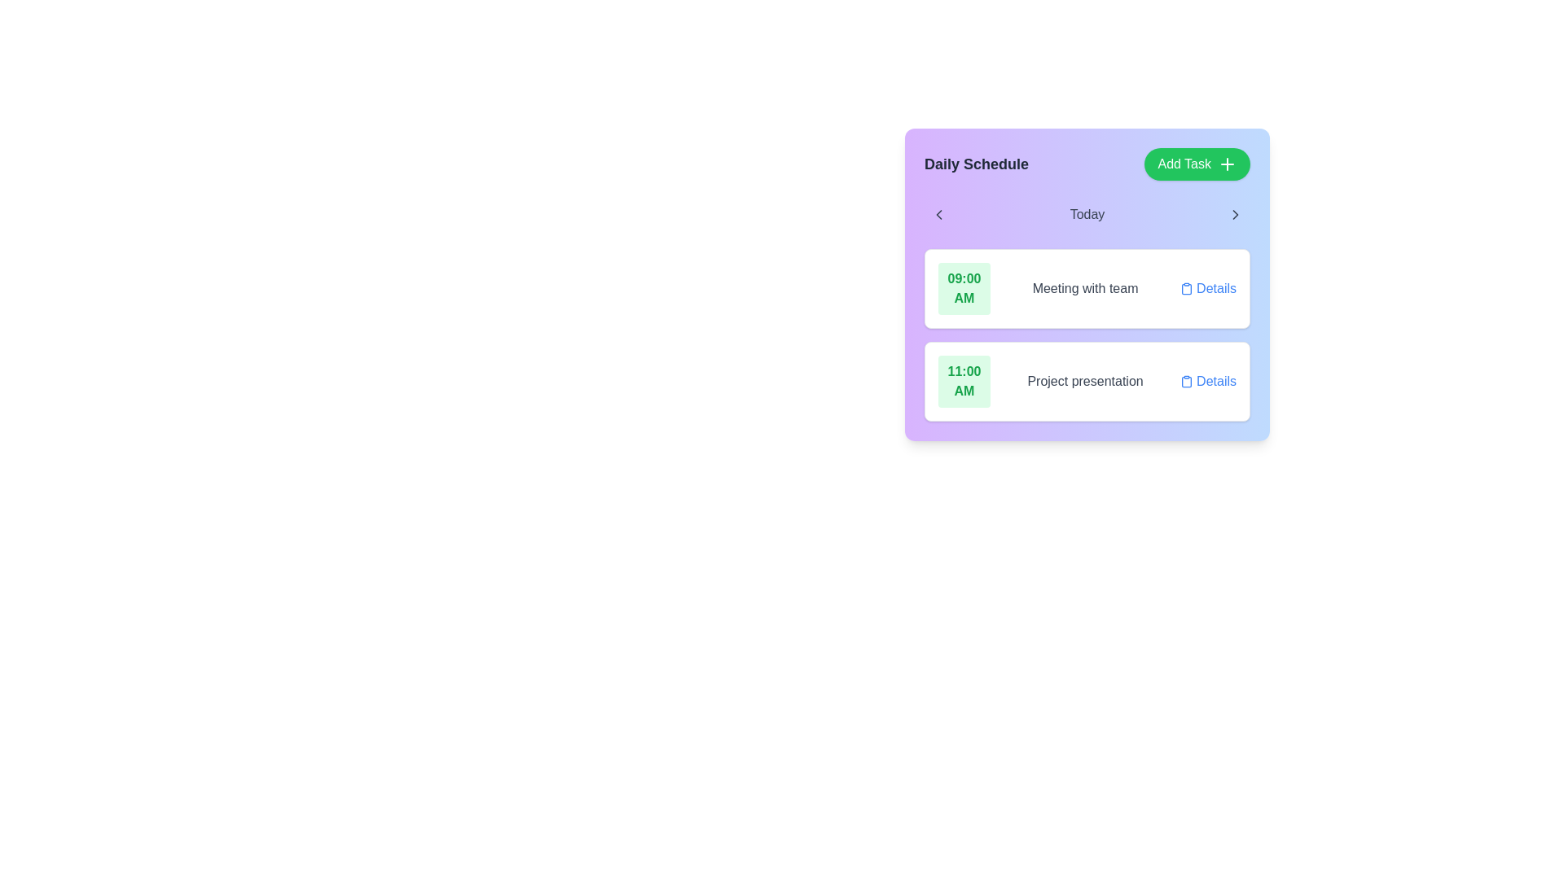 The height and width of the screenshot is (879, 1564). Describe the element at coordinates (938, 213) in the screenshot. I see `the left-pointing chevron icon button located in the top-left corner of the 'Daily Schedule' box` at that location.